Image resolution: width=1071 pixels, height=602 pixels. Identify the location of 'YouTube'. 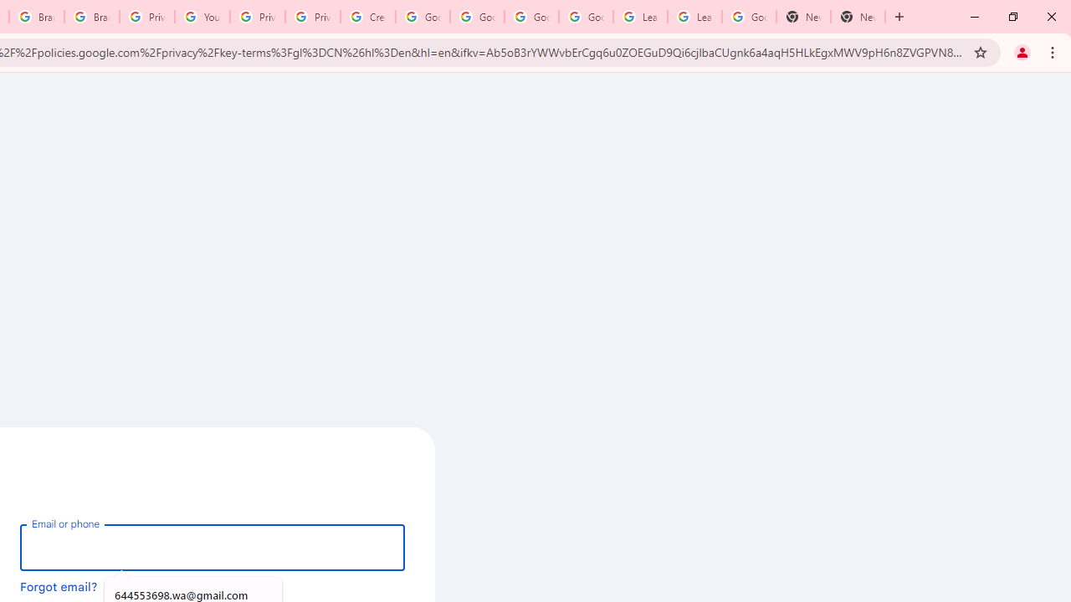
(201, 17).